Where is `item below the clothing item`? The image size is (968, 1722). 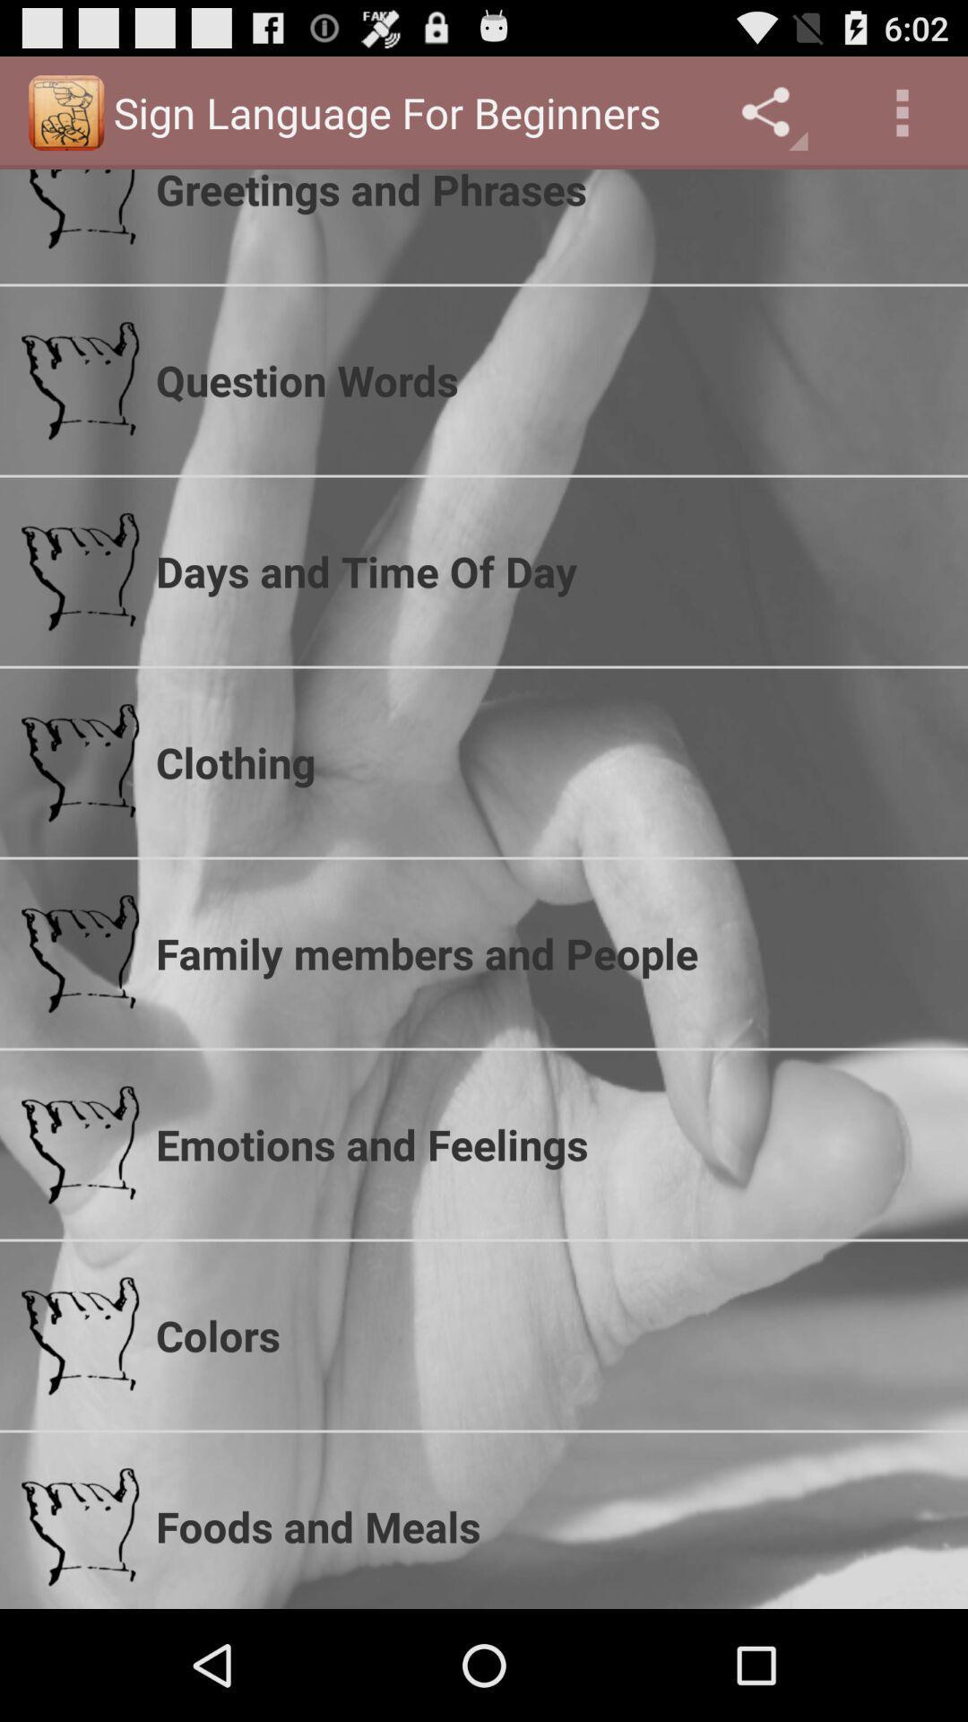
item below the clothing item is located at coordinates (549, 952).